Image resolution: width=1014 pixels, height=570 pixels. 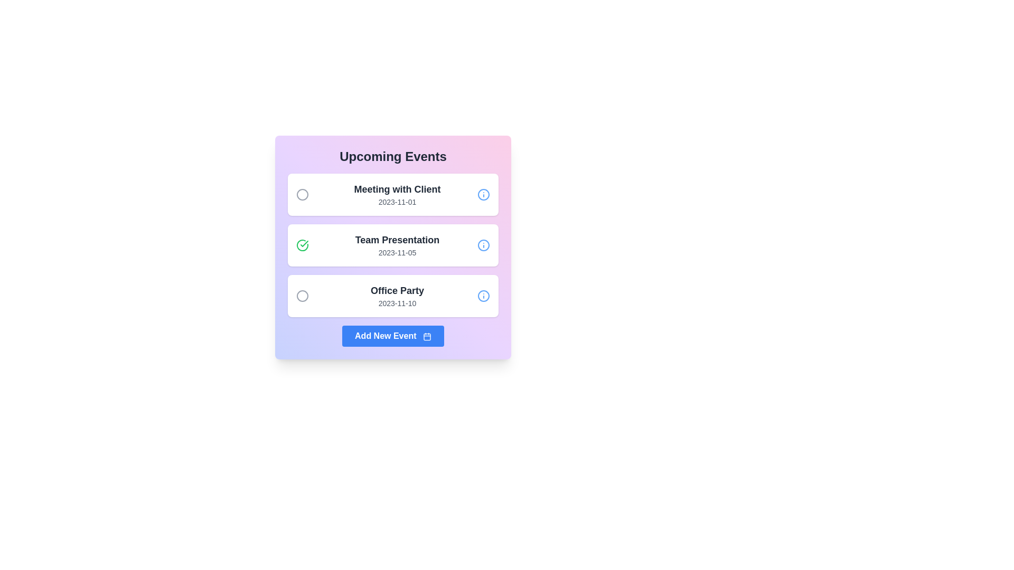 What do you see at coordinates (302, 296) in the screenshot?
I see `the toggle or selection indicator for the 'Office Party' event` at bounding box center [302, 296].